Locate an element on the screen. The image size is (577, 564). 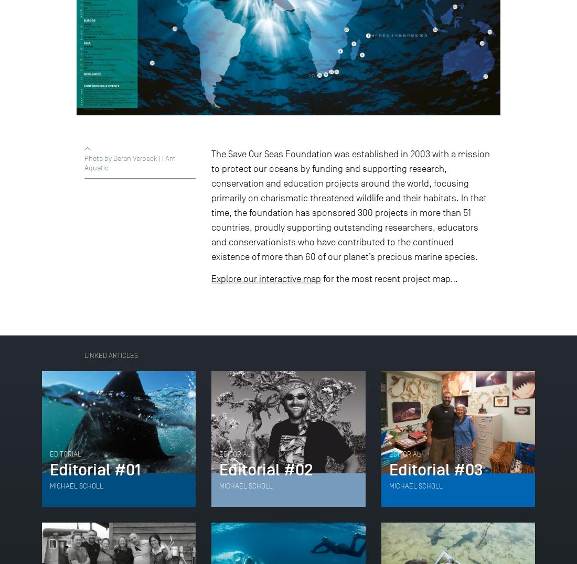
'The Save Our Seas Foundation was established in 2003 with a mission to protect our oceans by funding and supporting research, conservation and education projects around the world, focusing primarily on charismatic threatened wildlife and their habitats. In that time, the foundation has sponsored 300 projects in more than 51 countries, proudly supporting outstanding researchers, educators and conservationists who have contributed to the continued existence of more than 60 of our planet’s precious marine species.' is located at coordinates (350, 204).